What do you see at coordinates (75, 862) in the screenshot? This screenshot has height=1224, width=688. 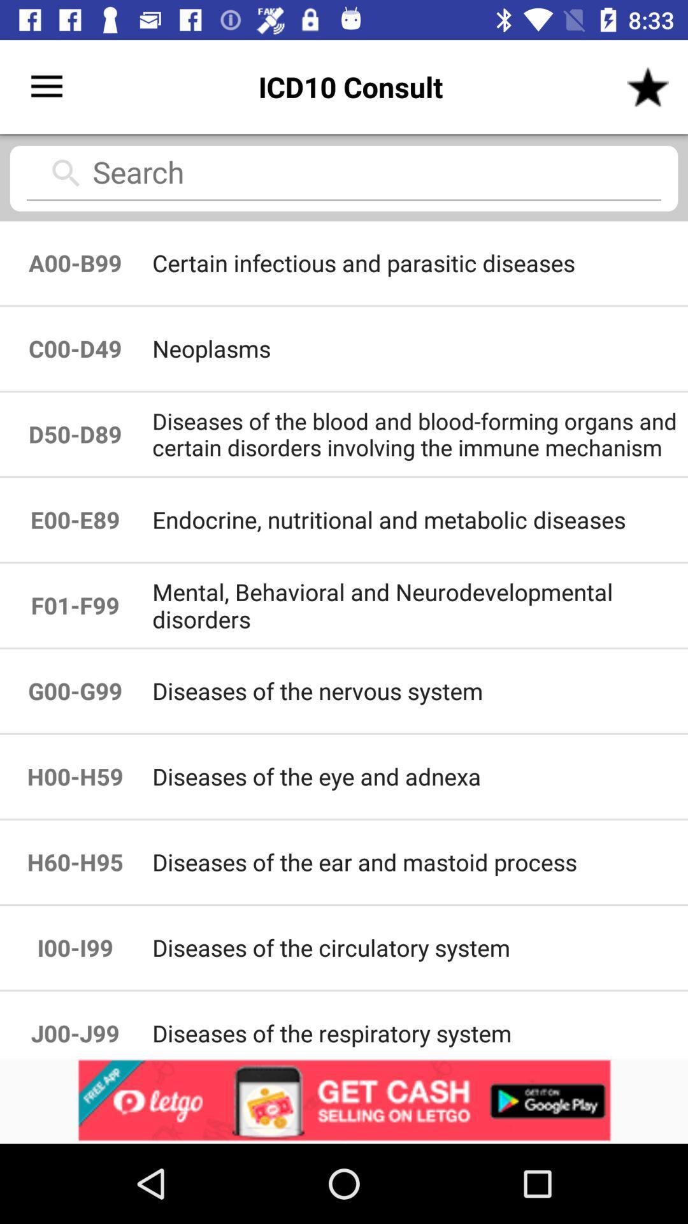 I see `h60-h95 icon` at bounding box center [75, 862].